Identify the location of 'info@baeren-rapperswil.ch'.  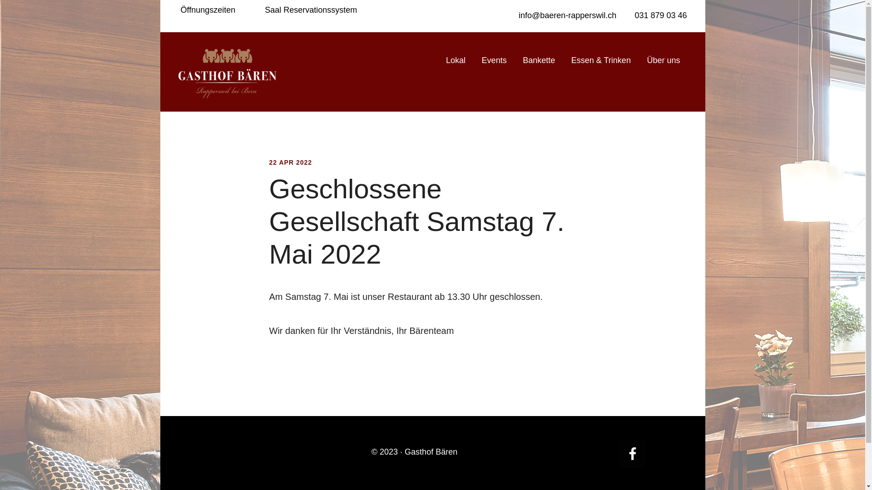
(566, 15).